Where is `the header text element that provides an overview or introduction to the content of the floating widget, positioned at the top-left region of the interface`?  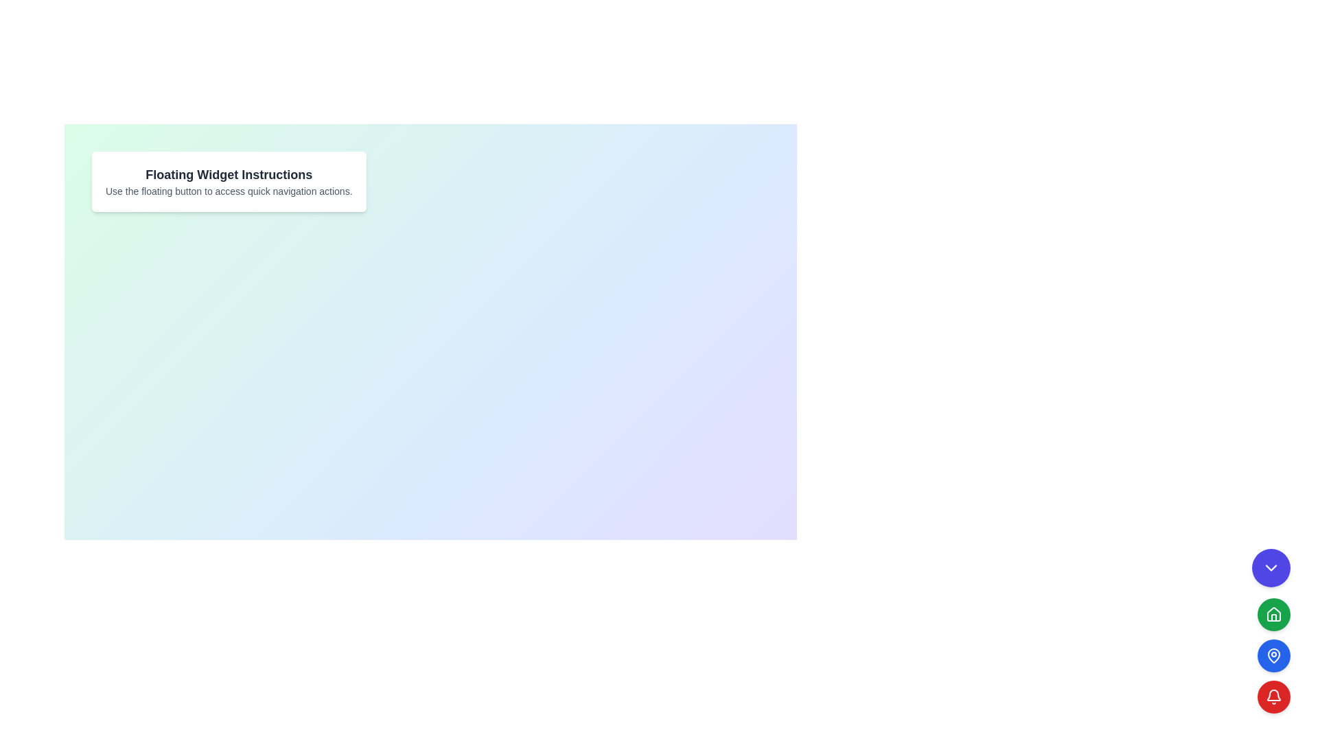
the header text element that provides an overview or introduction to the content of the floating widget, positioned at the top-left region of the interface is located at coordinates (229, 174).